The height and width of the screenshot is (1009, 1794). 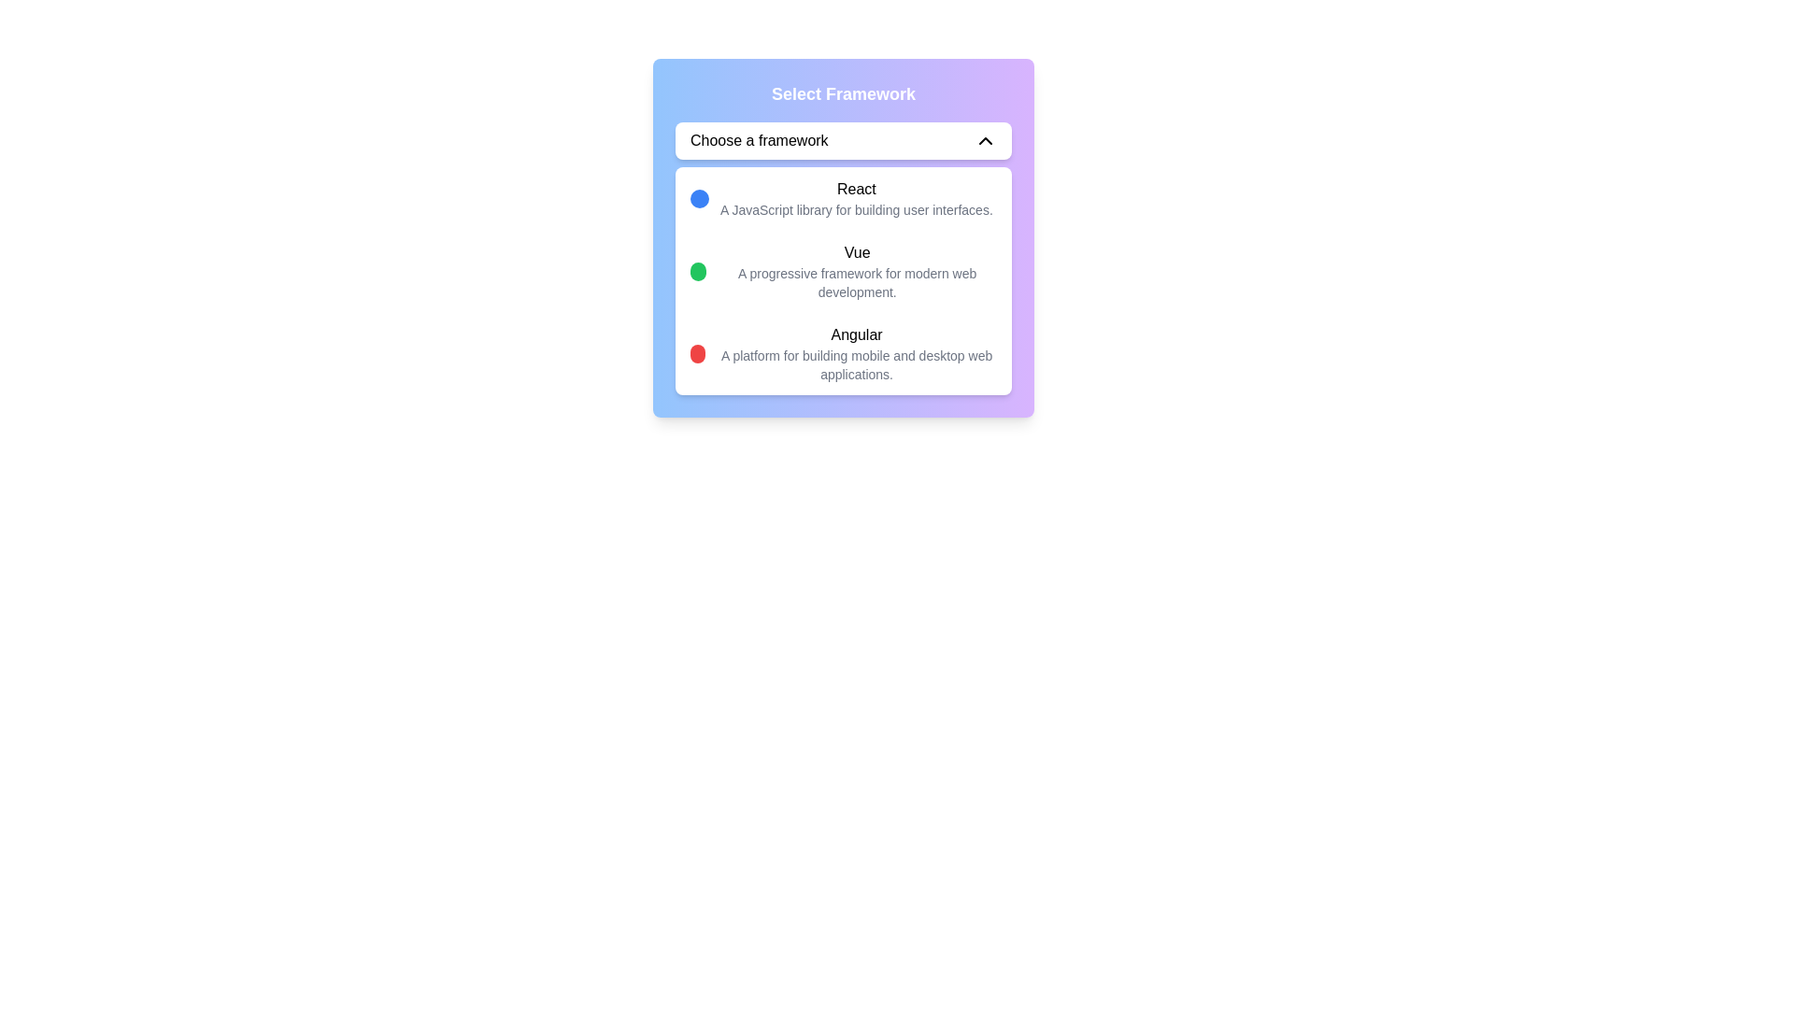 What do you see at coordinates (855, 334) in the screenshot?
I see `text of the label displaying 'Angular', which is the third framework option in a list within a blue-gradient box` at bounding box center [855, 334].